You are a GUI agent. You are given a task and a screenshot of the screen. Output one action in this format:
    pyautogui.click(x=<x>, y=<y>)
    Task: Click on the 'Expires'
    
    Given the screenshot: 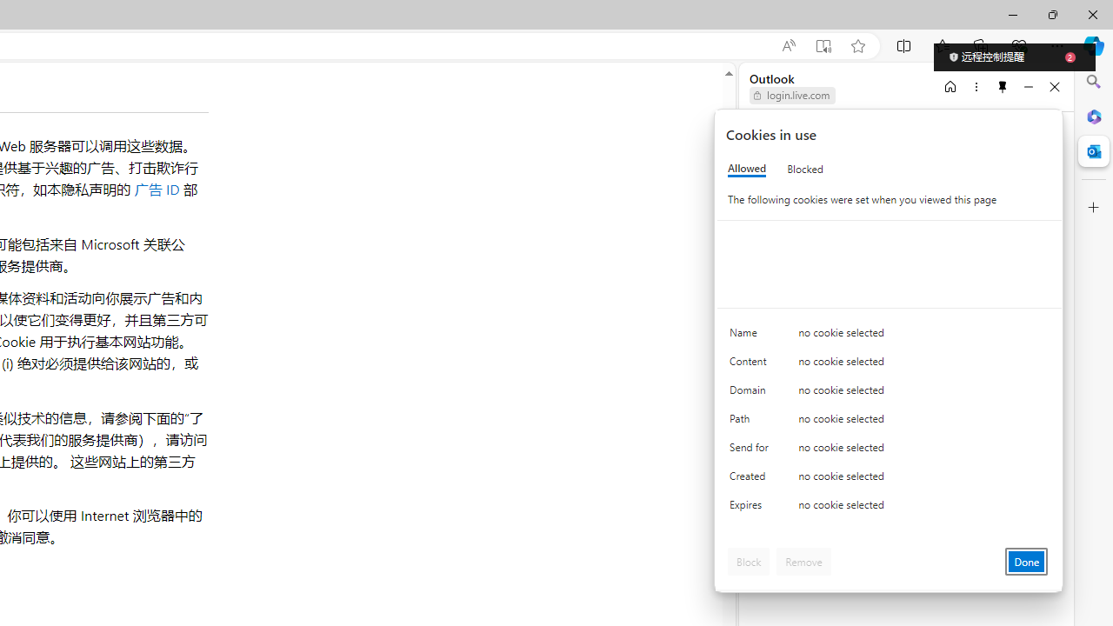 What is the action you would take?
    pyautogui.click(x=752, y=509)
    